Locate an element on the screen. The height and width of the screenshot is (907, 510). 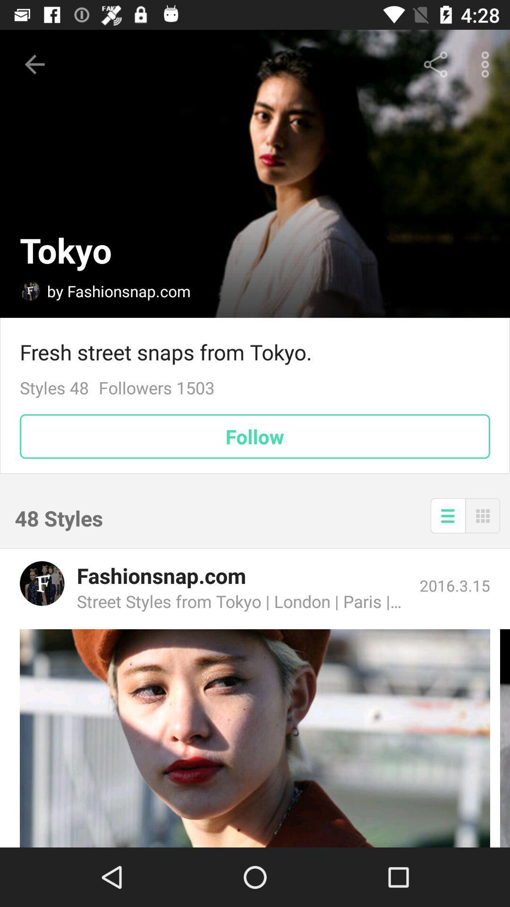
change to list type is located at coordinates (447, 515).